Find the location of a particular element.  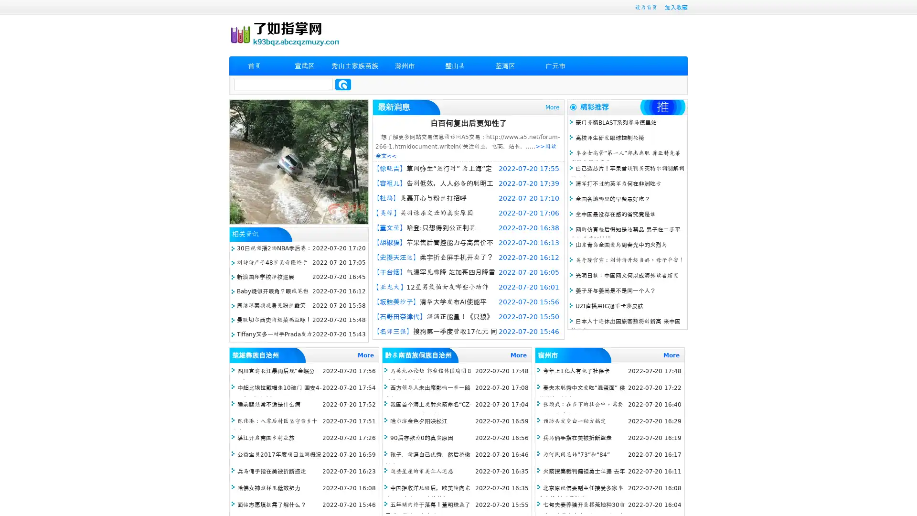

Search is located at coordinates (343, 84).